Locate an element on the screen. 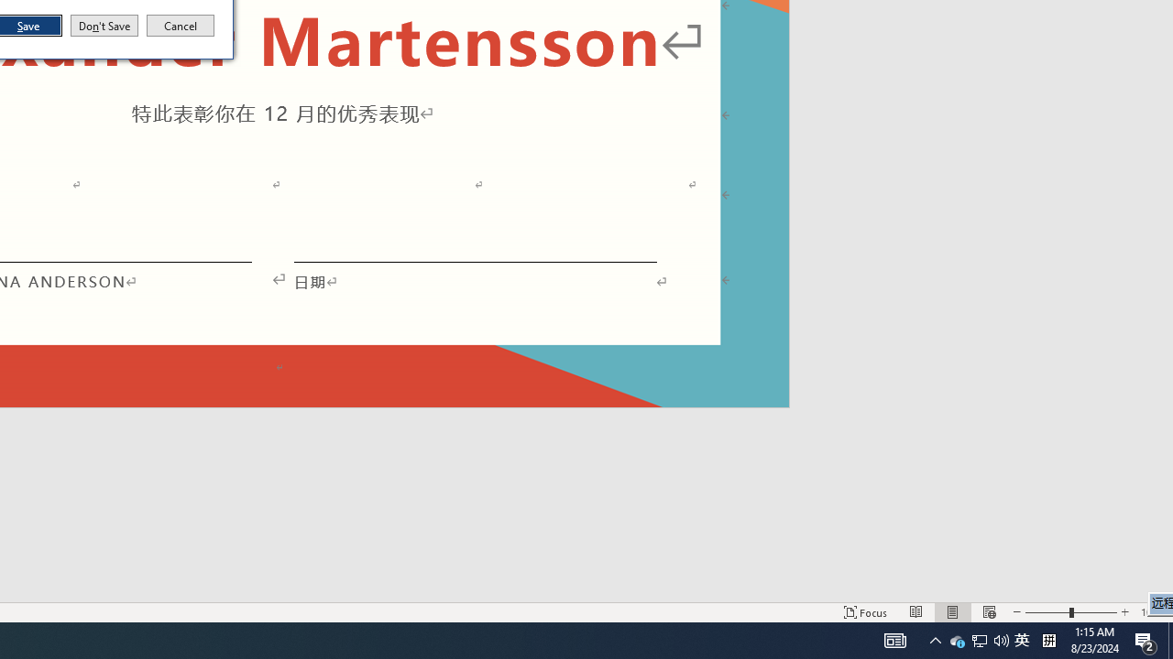  'Zoom In' is located at coordinates (1124, 612).